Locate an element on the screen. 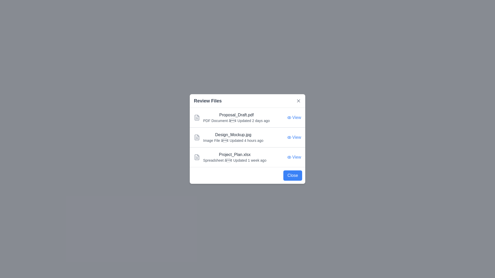  the 'View' button for the file named Proposal_Draft.pdf is located at coordinates (294, 117).